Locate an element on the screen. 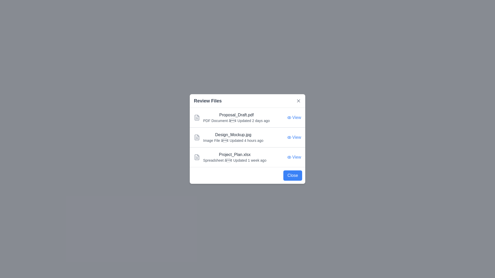  the 'View' button for the file named Proposal_Draft.pdf is located at coordinates (294, 117).